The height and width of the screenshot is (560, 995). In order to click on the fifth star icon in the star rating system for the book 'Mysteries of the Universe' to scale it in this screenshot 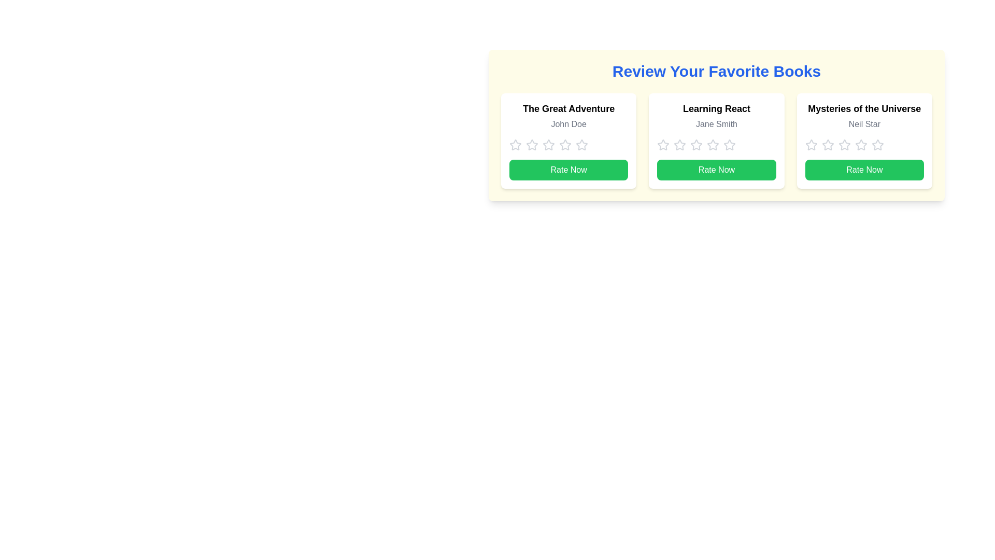, I will do `click(877, 145)`.